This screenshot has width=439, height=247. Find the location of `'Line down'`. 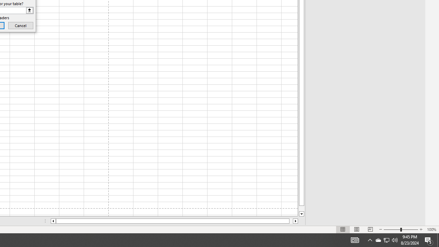

'Line down' is located at coordinates (301, 214).